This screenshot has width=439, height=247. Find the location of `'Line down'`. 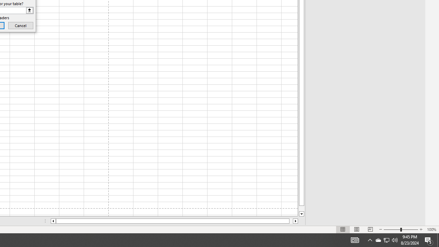

'Line down' is located at coordinates (301, 214).